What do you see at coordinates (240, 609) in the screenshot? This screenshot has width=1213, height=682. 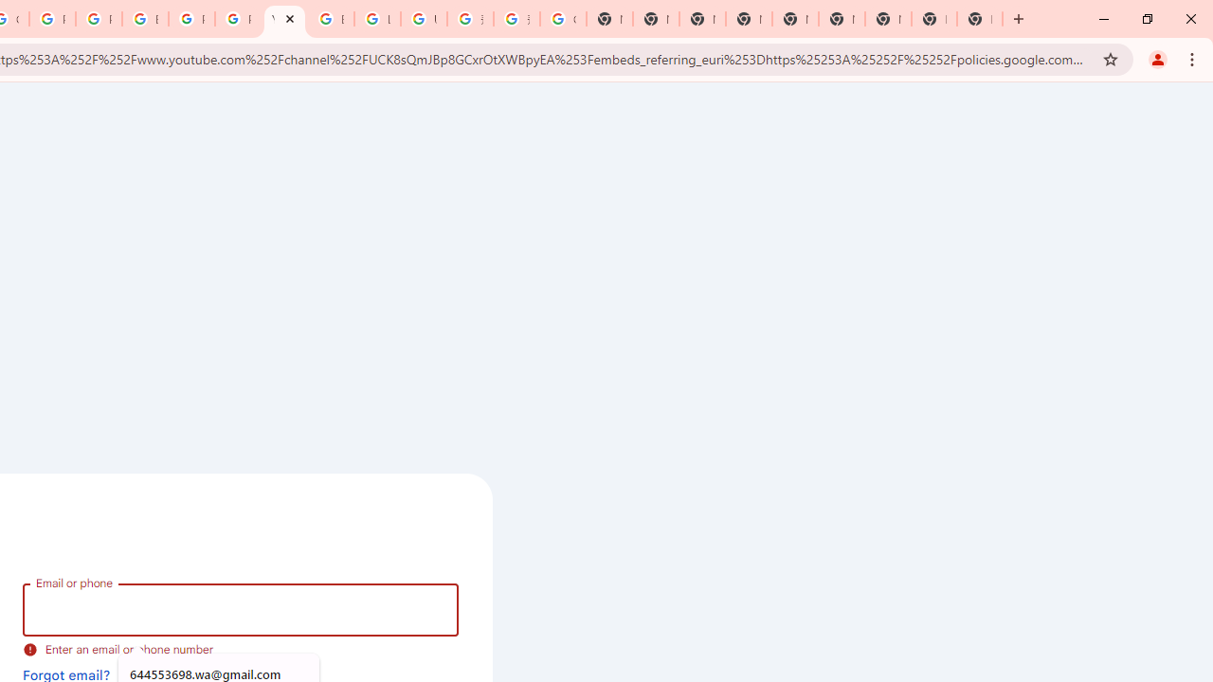 I see `'Email or phone'` at bounding box center [240, 609].